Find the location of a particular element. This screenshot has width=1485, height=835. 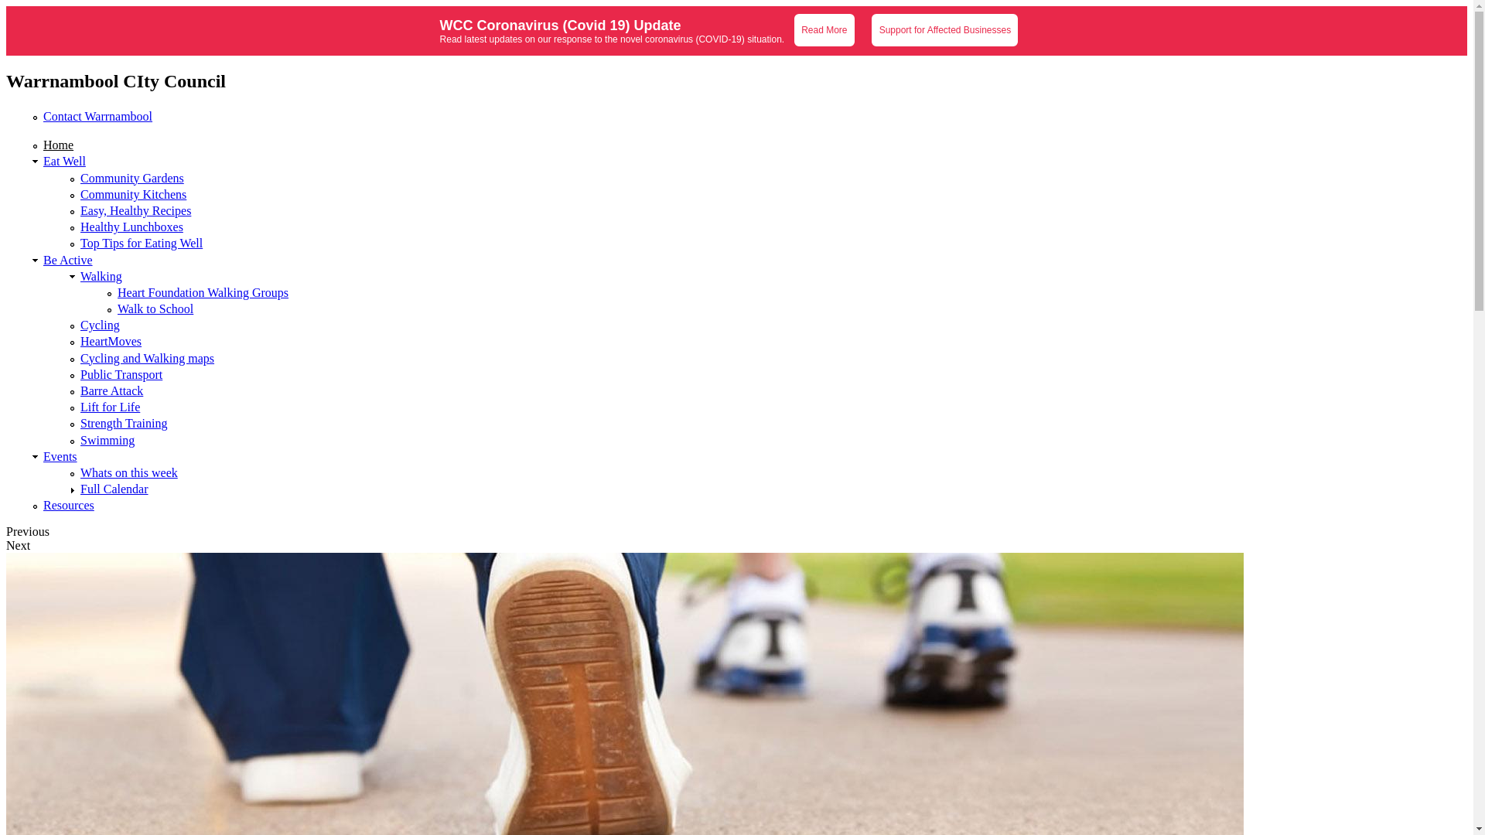

'Home' is located at coordinates (58, 145).